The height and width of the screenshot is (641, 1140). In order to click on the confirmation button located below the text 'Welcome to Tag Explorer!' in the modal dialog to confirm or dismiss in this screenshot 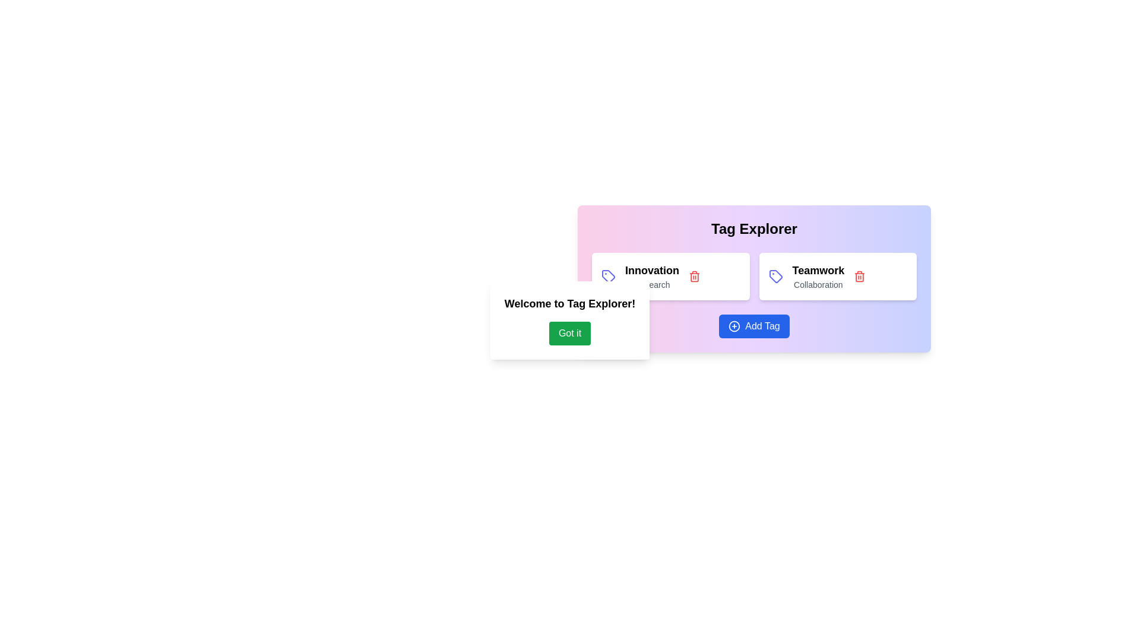, I will do `click(570, 334)`.